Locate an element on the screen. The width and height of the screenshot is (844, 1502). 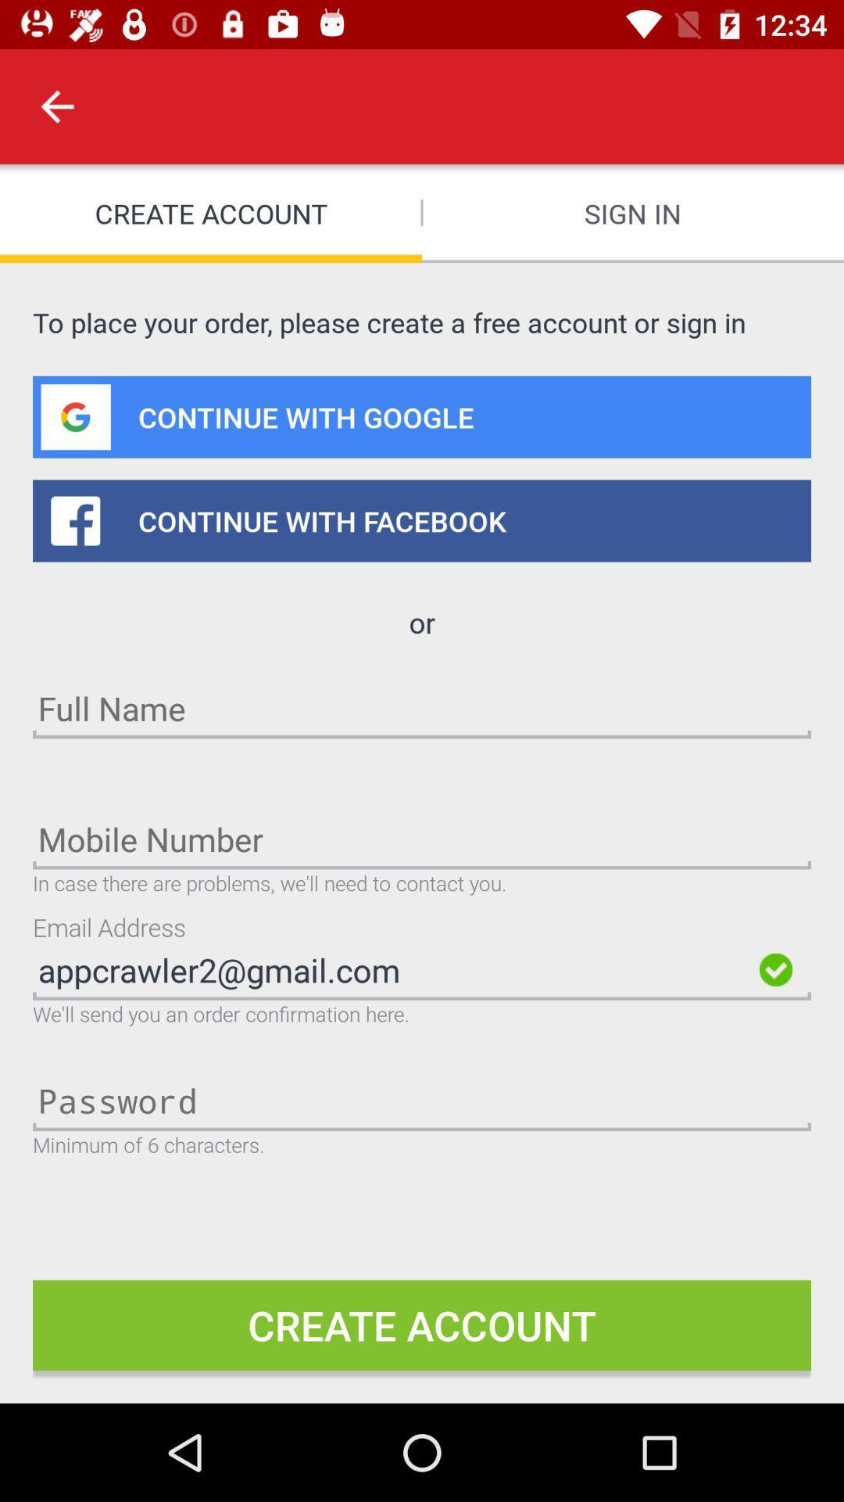
the name is located at coordinates (422, 707).